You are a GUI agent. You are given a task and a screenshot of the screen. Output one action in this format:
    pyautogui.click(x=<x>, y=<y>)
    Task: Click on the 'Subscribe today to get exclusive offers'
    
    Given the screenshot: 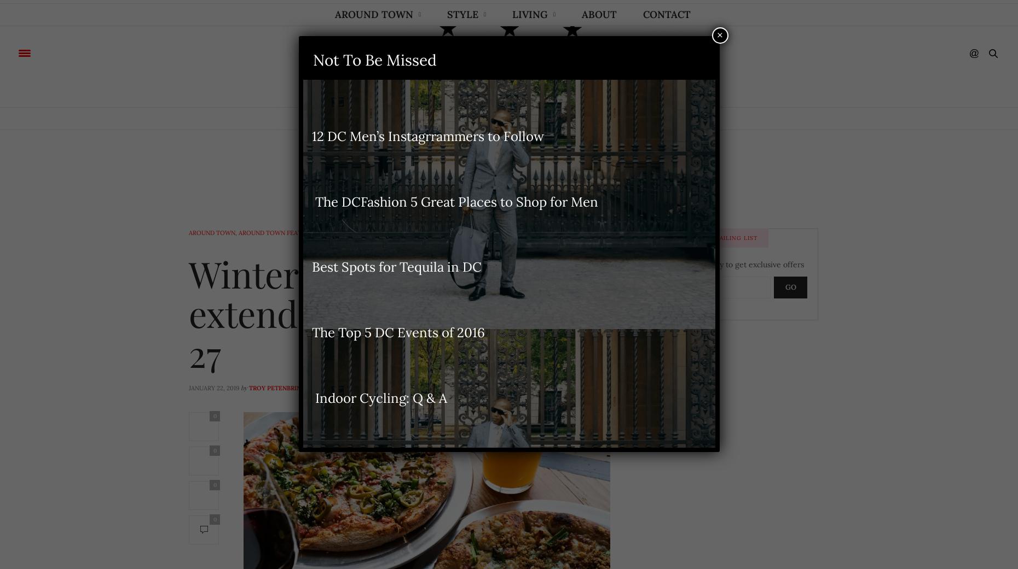 What is the action you would take?
    pyautogui.click(x=736, y=263)
    